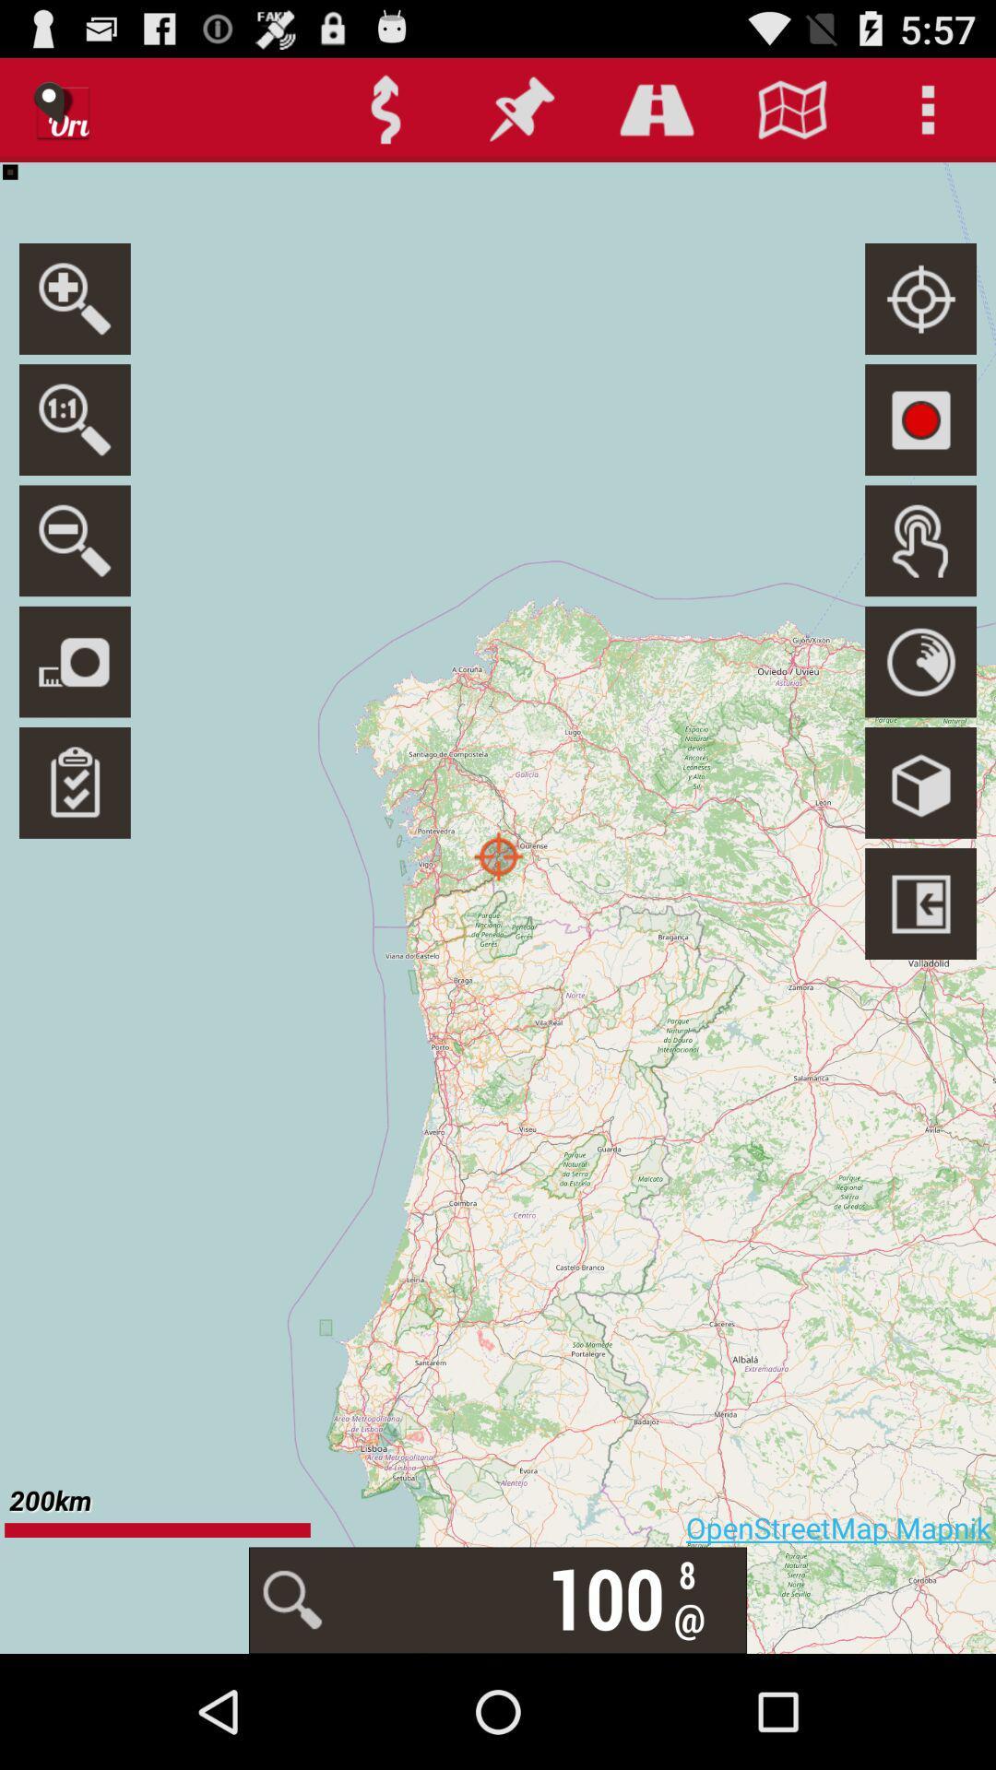 Image resolution: width=996 pixels, height=1770 pixels. Describe the element at coordinates (920, 449) in the screenshot. I see `the photo icon` at that location.